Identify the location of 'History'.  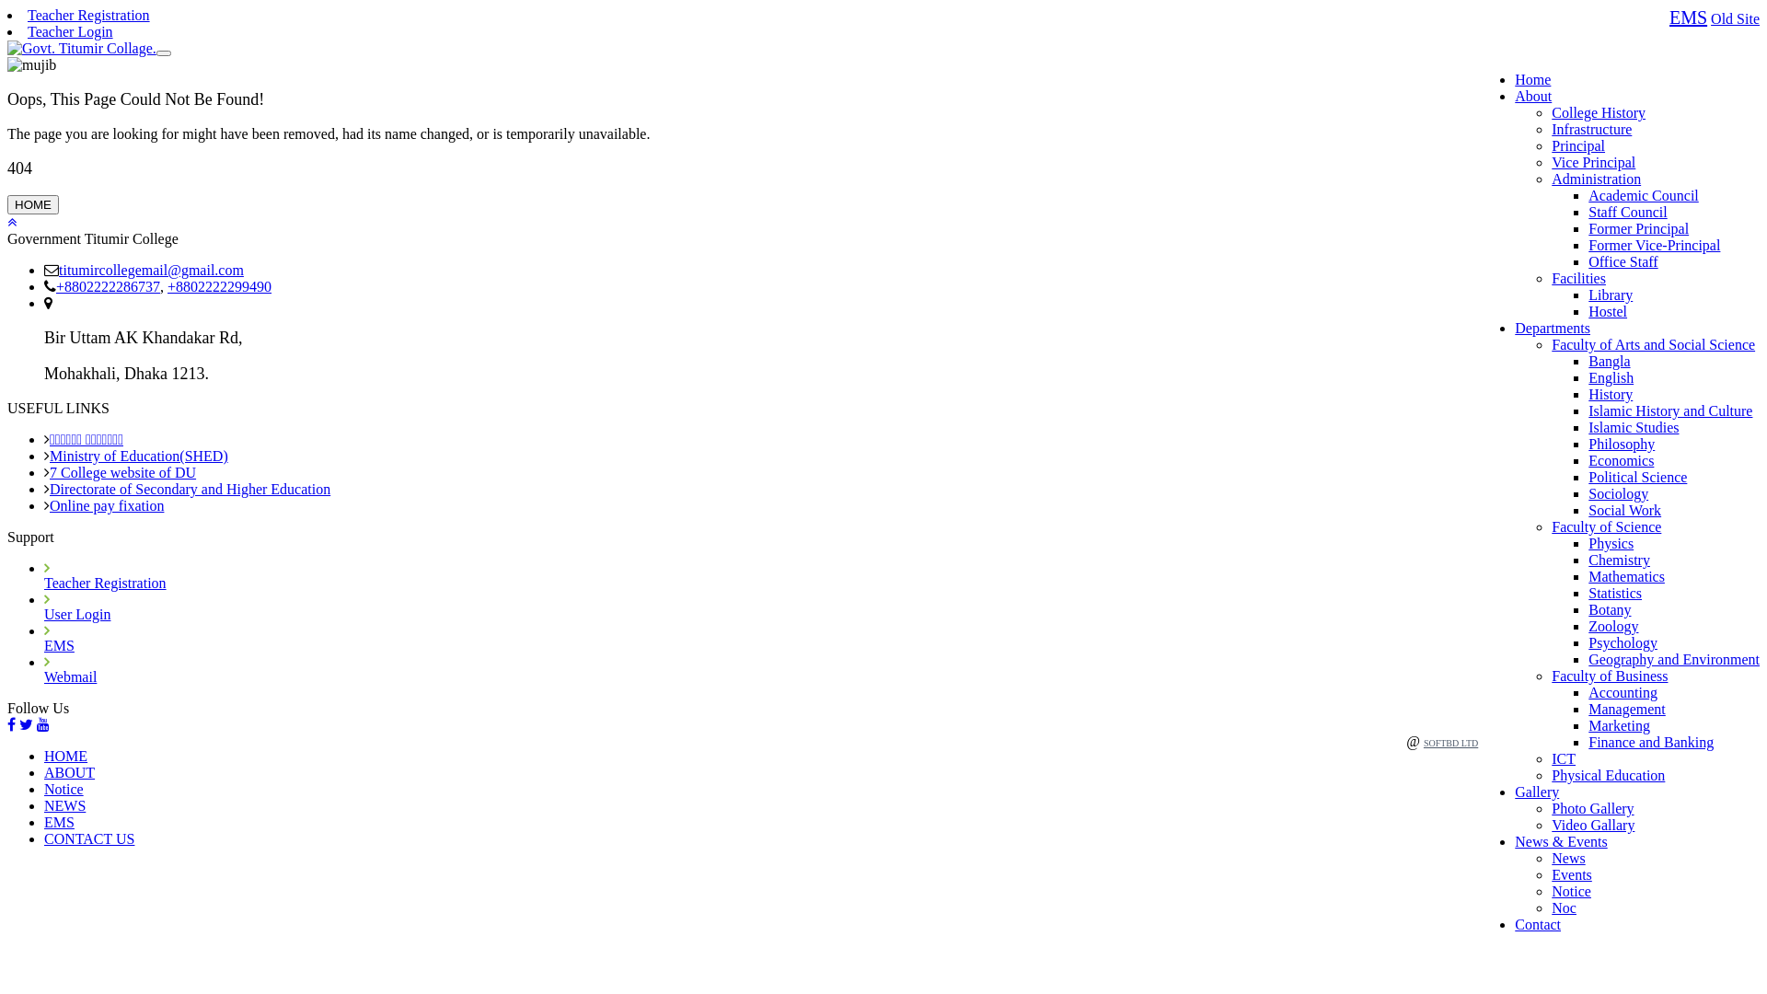
(1610, 393).